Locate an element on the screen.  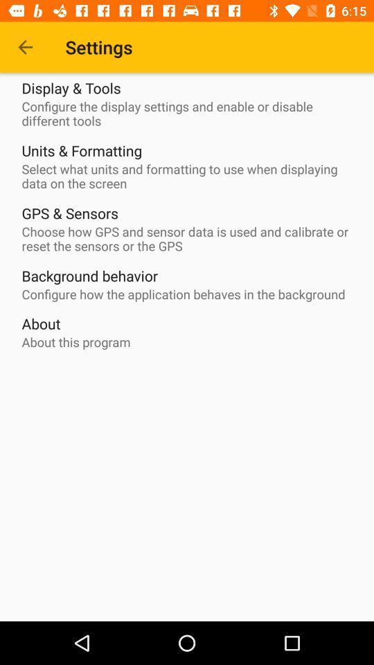
the icon below choose how gps item is located at coordinates (89, 275).